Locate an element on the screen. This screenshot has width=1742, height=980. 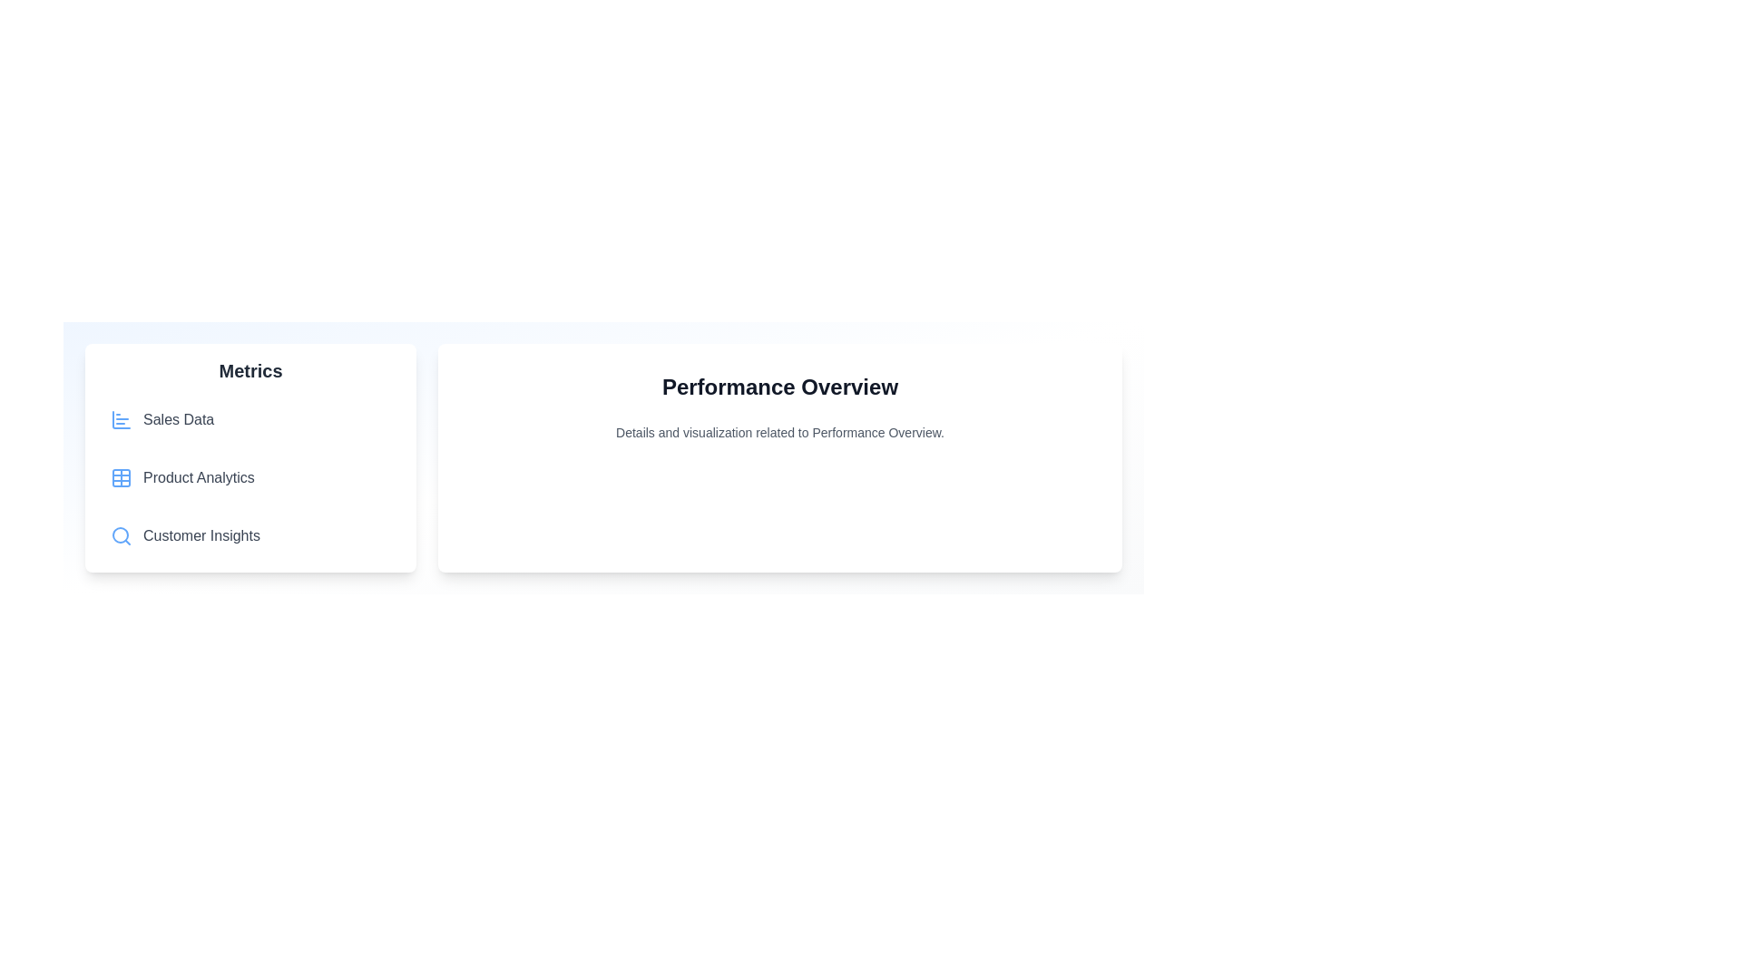
text from the text label displaying 'Sales Data', which is styled with a medium font weight and gray color, located at the top of a vertical list of options is located at coordinates (179, 419).